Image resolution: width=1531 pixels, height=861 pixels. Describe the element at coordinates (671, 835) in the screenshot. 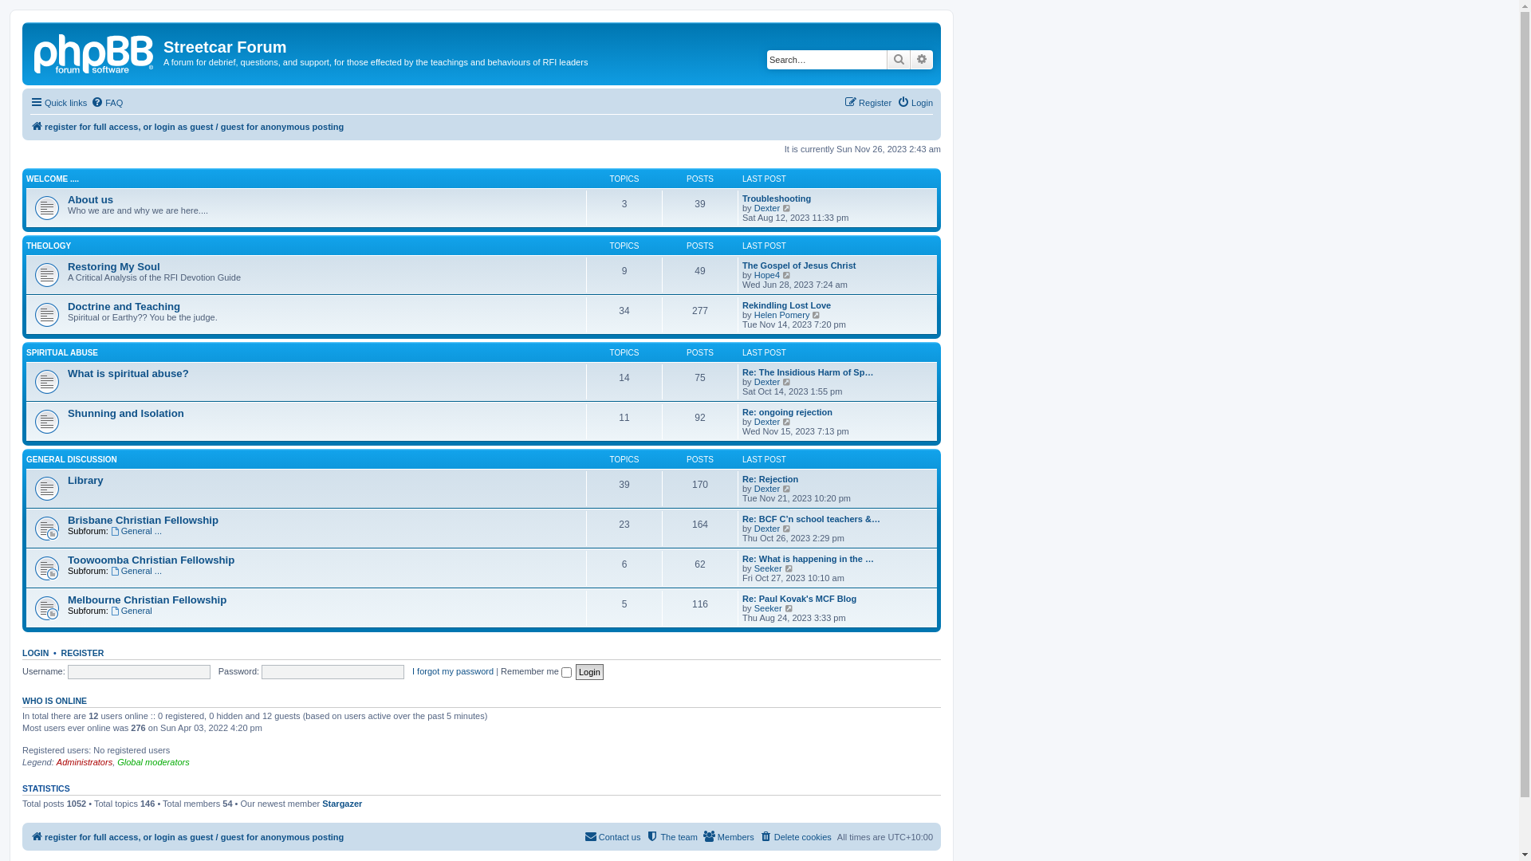

I see `'The team'` at that location.